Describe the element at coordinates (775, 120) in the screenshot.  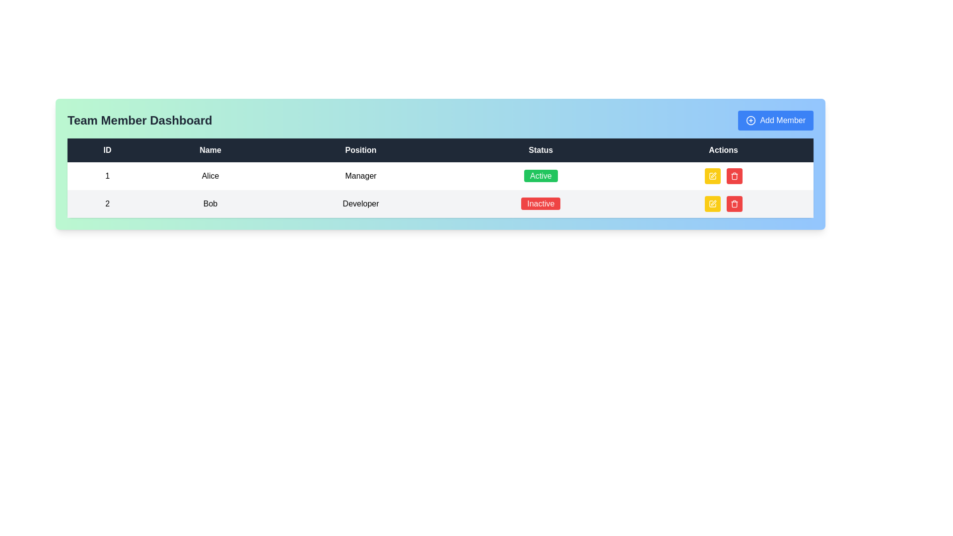
I see `the button located at the top-right corner of the 'Team Member Dashboard'` at that location.